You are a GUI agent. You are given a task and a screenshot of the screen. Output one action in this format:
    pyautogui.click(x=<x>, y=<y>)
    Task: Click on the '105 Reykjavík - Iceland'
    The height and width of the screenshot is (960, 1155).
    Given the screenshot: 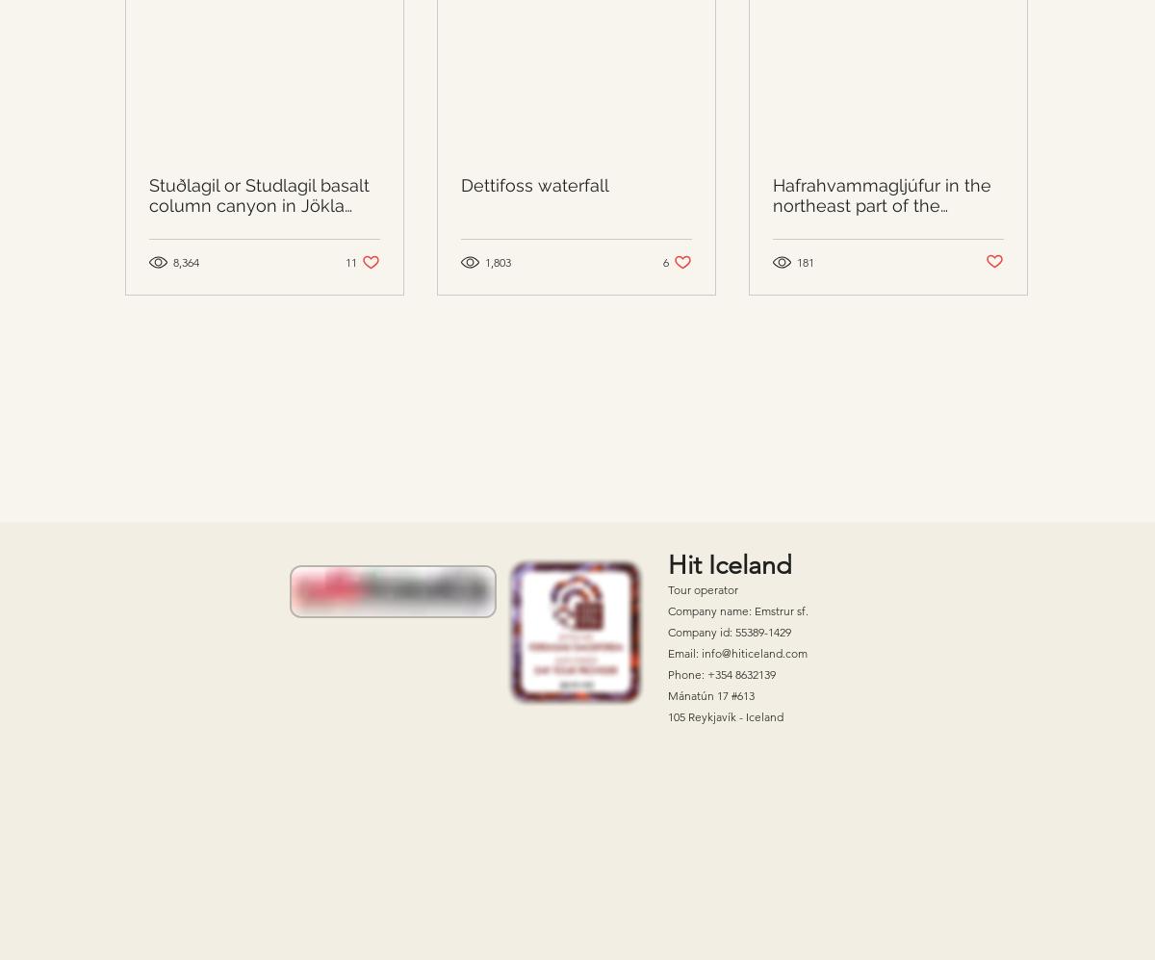 What is the action you would take?
    pyautogui.click(x=724, y=715)
    